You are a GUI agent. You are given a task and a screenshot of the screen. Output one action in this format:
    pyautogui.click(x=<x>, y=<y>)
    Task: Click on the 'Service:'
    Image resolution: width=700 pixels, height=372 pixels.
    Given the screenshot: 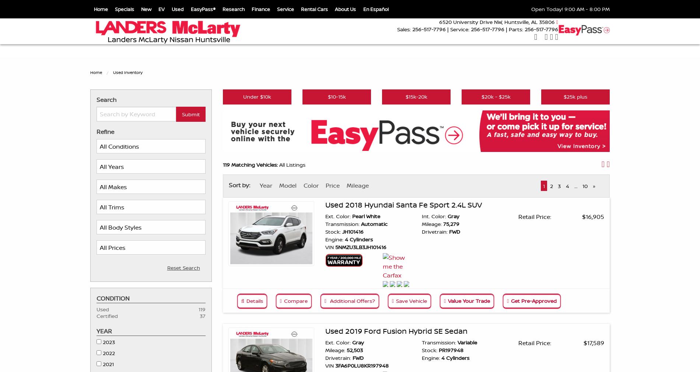 What is the action you would take?
    pyautogui.click(x=450, y=29)
    